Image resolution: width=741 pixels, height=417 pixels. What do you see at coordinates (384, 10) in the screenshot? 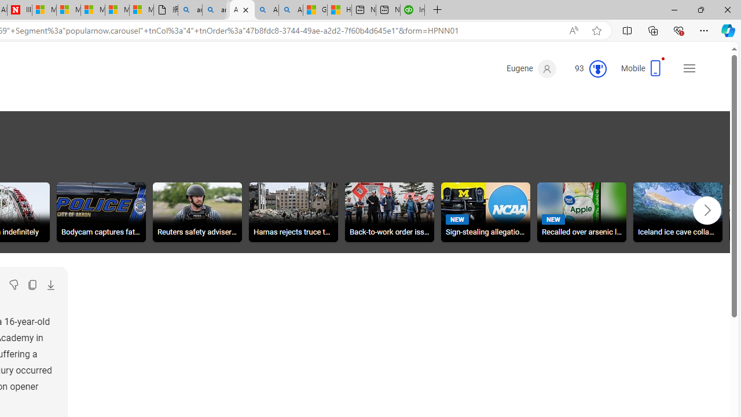
I see `'Intuit QuickBooks Online - Quickbooks'` at bounding box center [384, 10].